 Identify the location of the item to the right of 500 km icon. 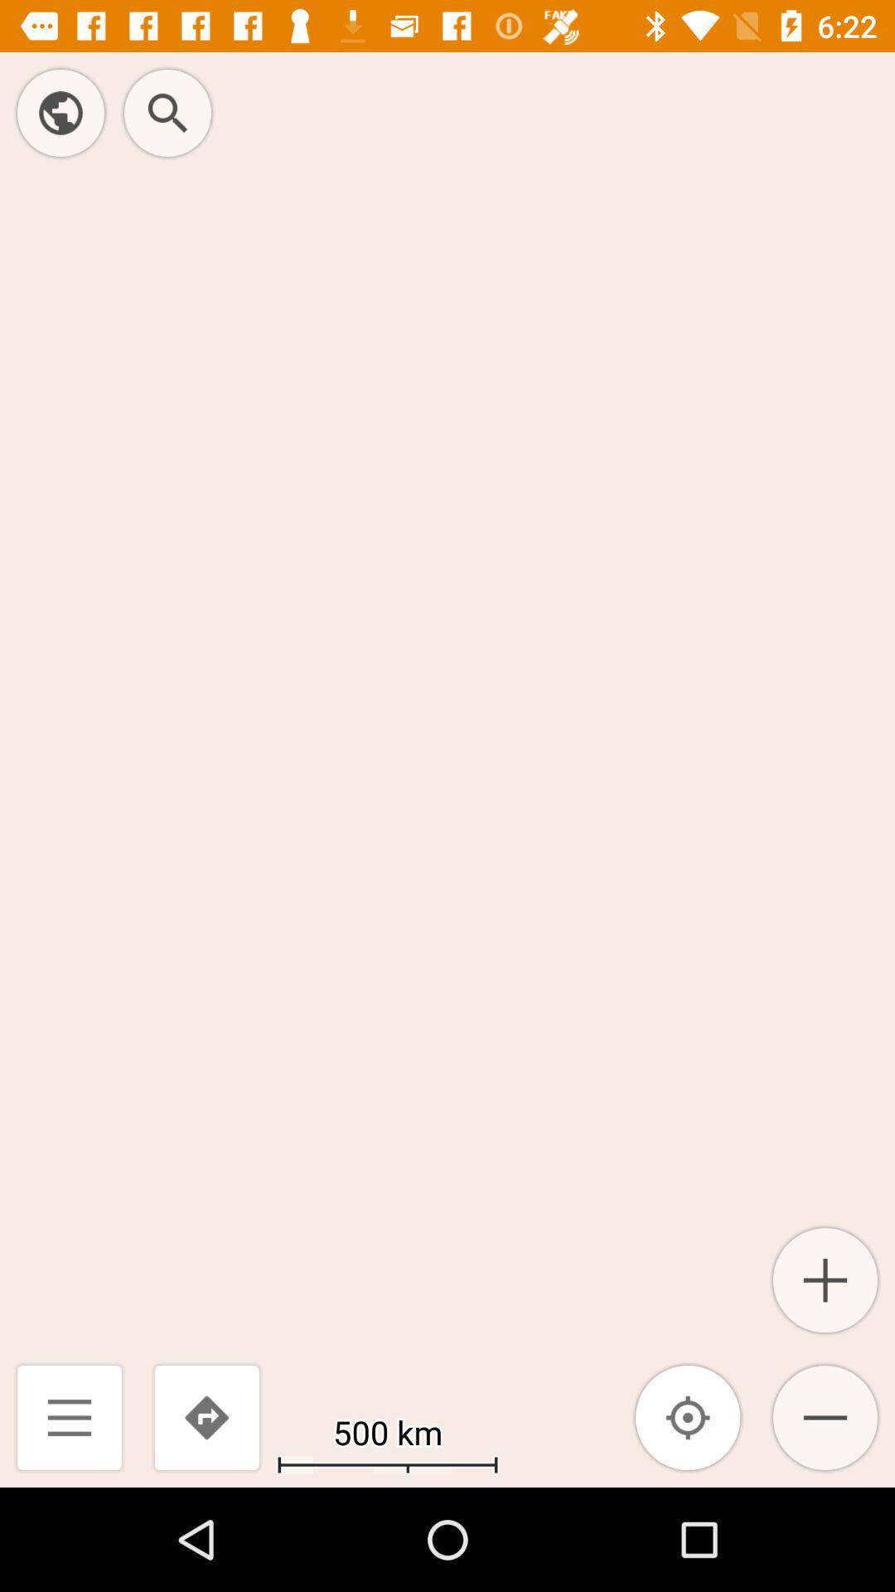
(688, 1416).